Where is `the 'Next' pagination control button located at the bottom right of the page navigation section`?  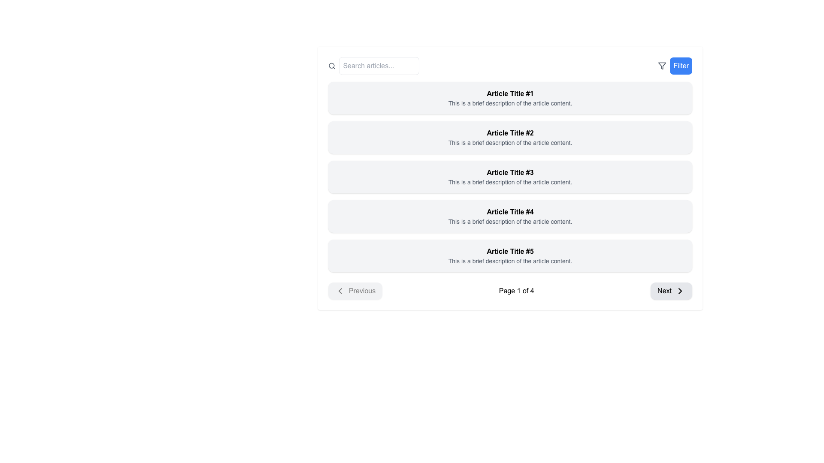
the 'Next' pagination control button located at the bottom right of the page navigation section is located at coordinates (671, 290).